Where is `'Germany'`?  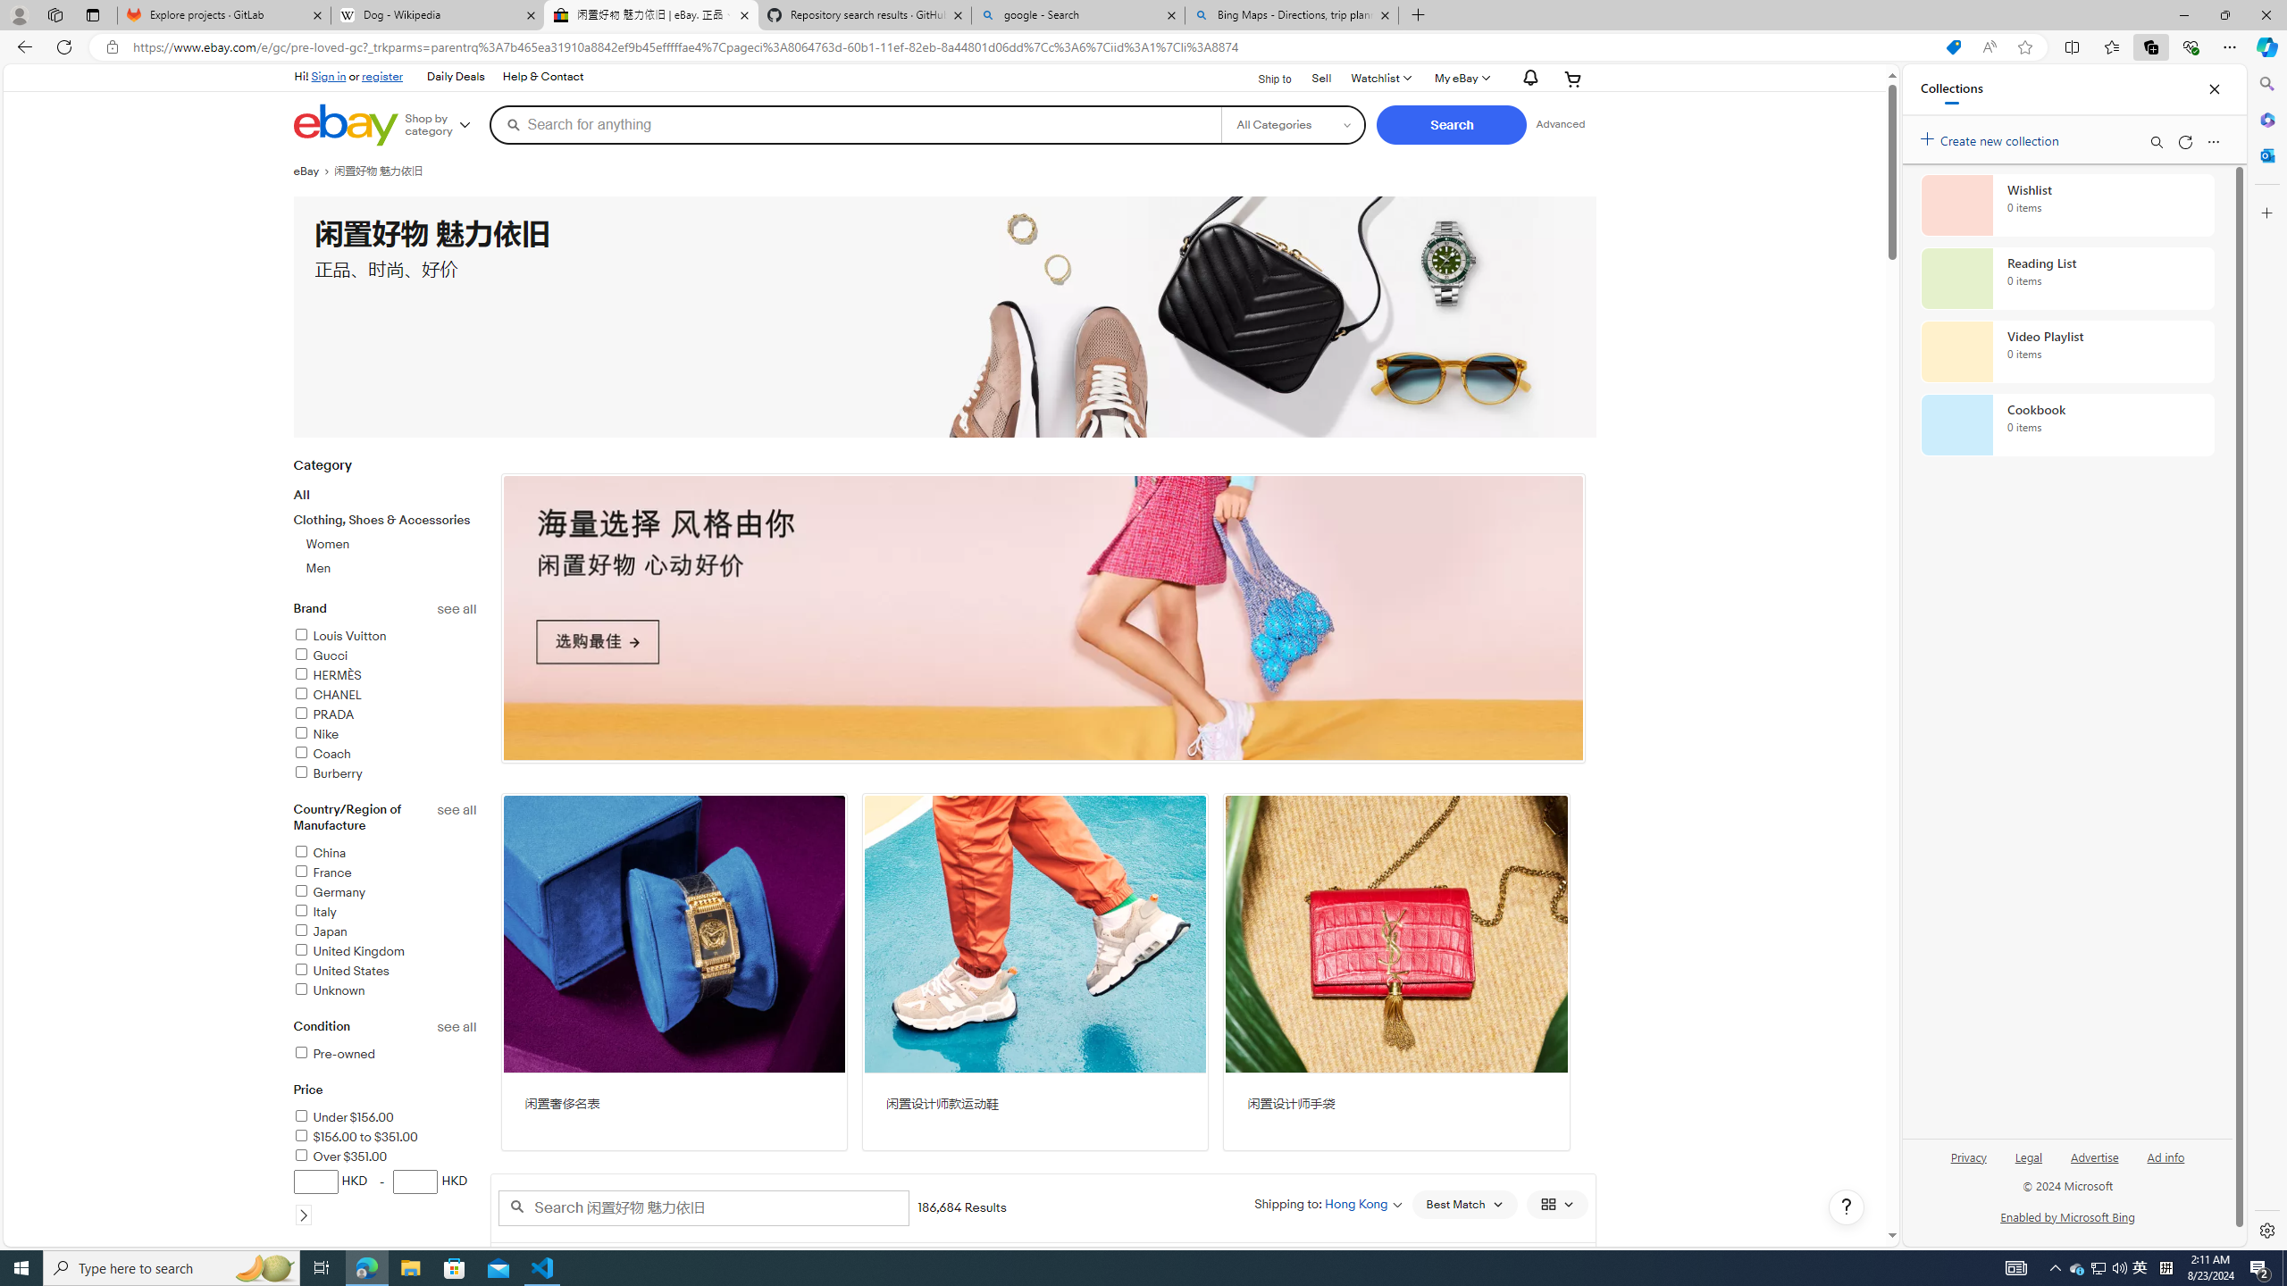
'Germany' is located at coordinates (385, 892).